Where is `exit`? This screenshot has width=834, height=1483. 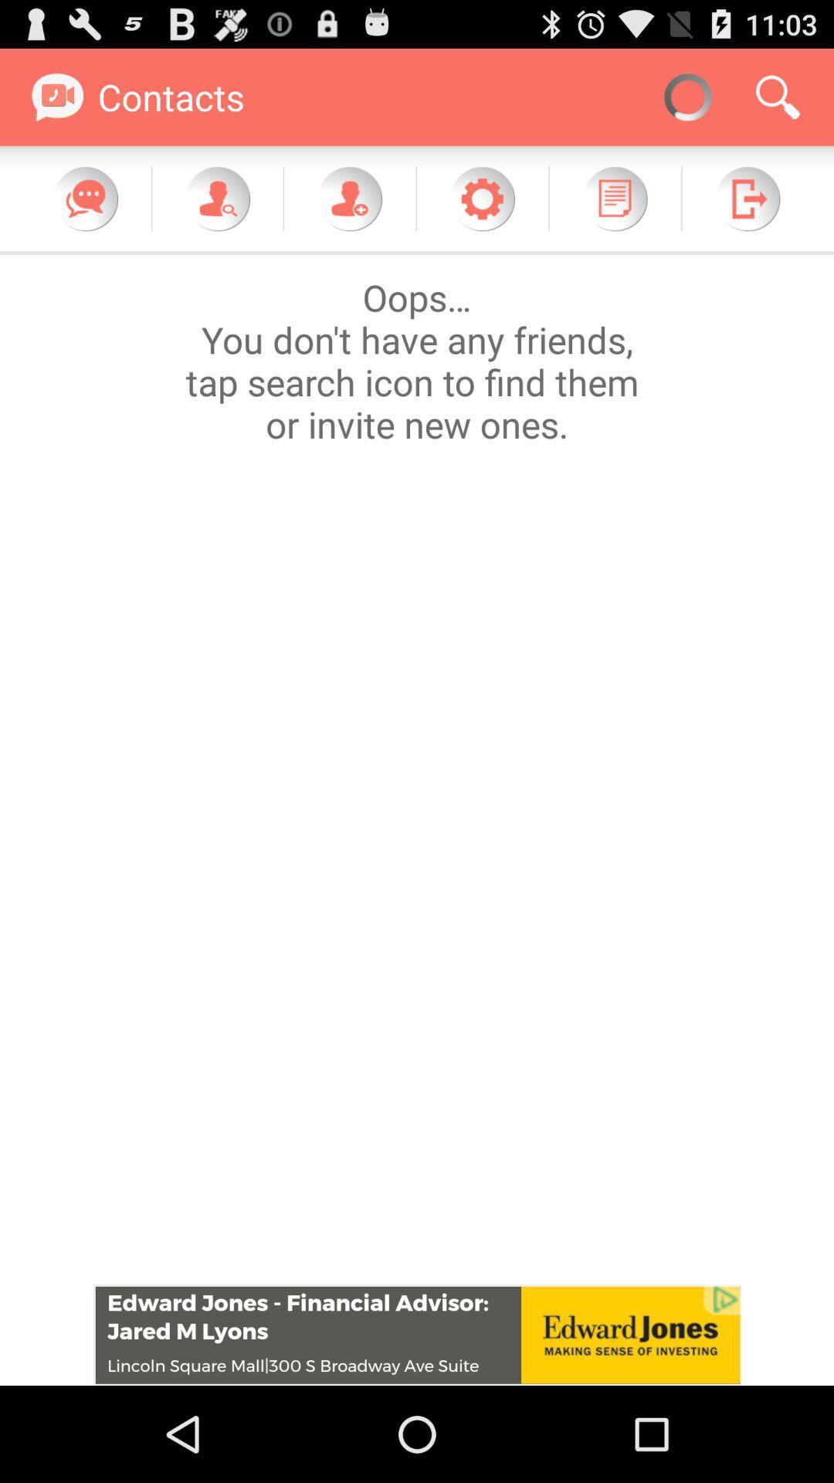 exit is located at coordinates (747, 198).